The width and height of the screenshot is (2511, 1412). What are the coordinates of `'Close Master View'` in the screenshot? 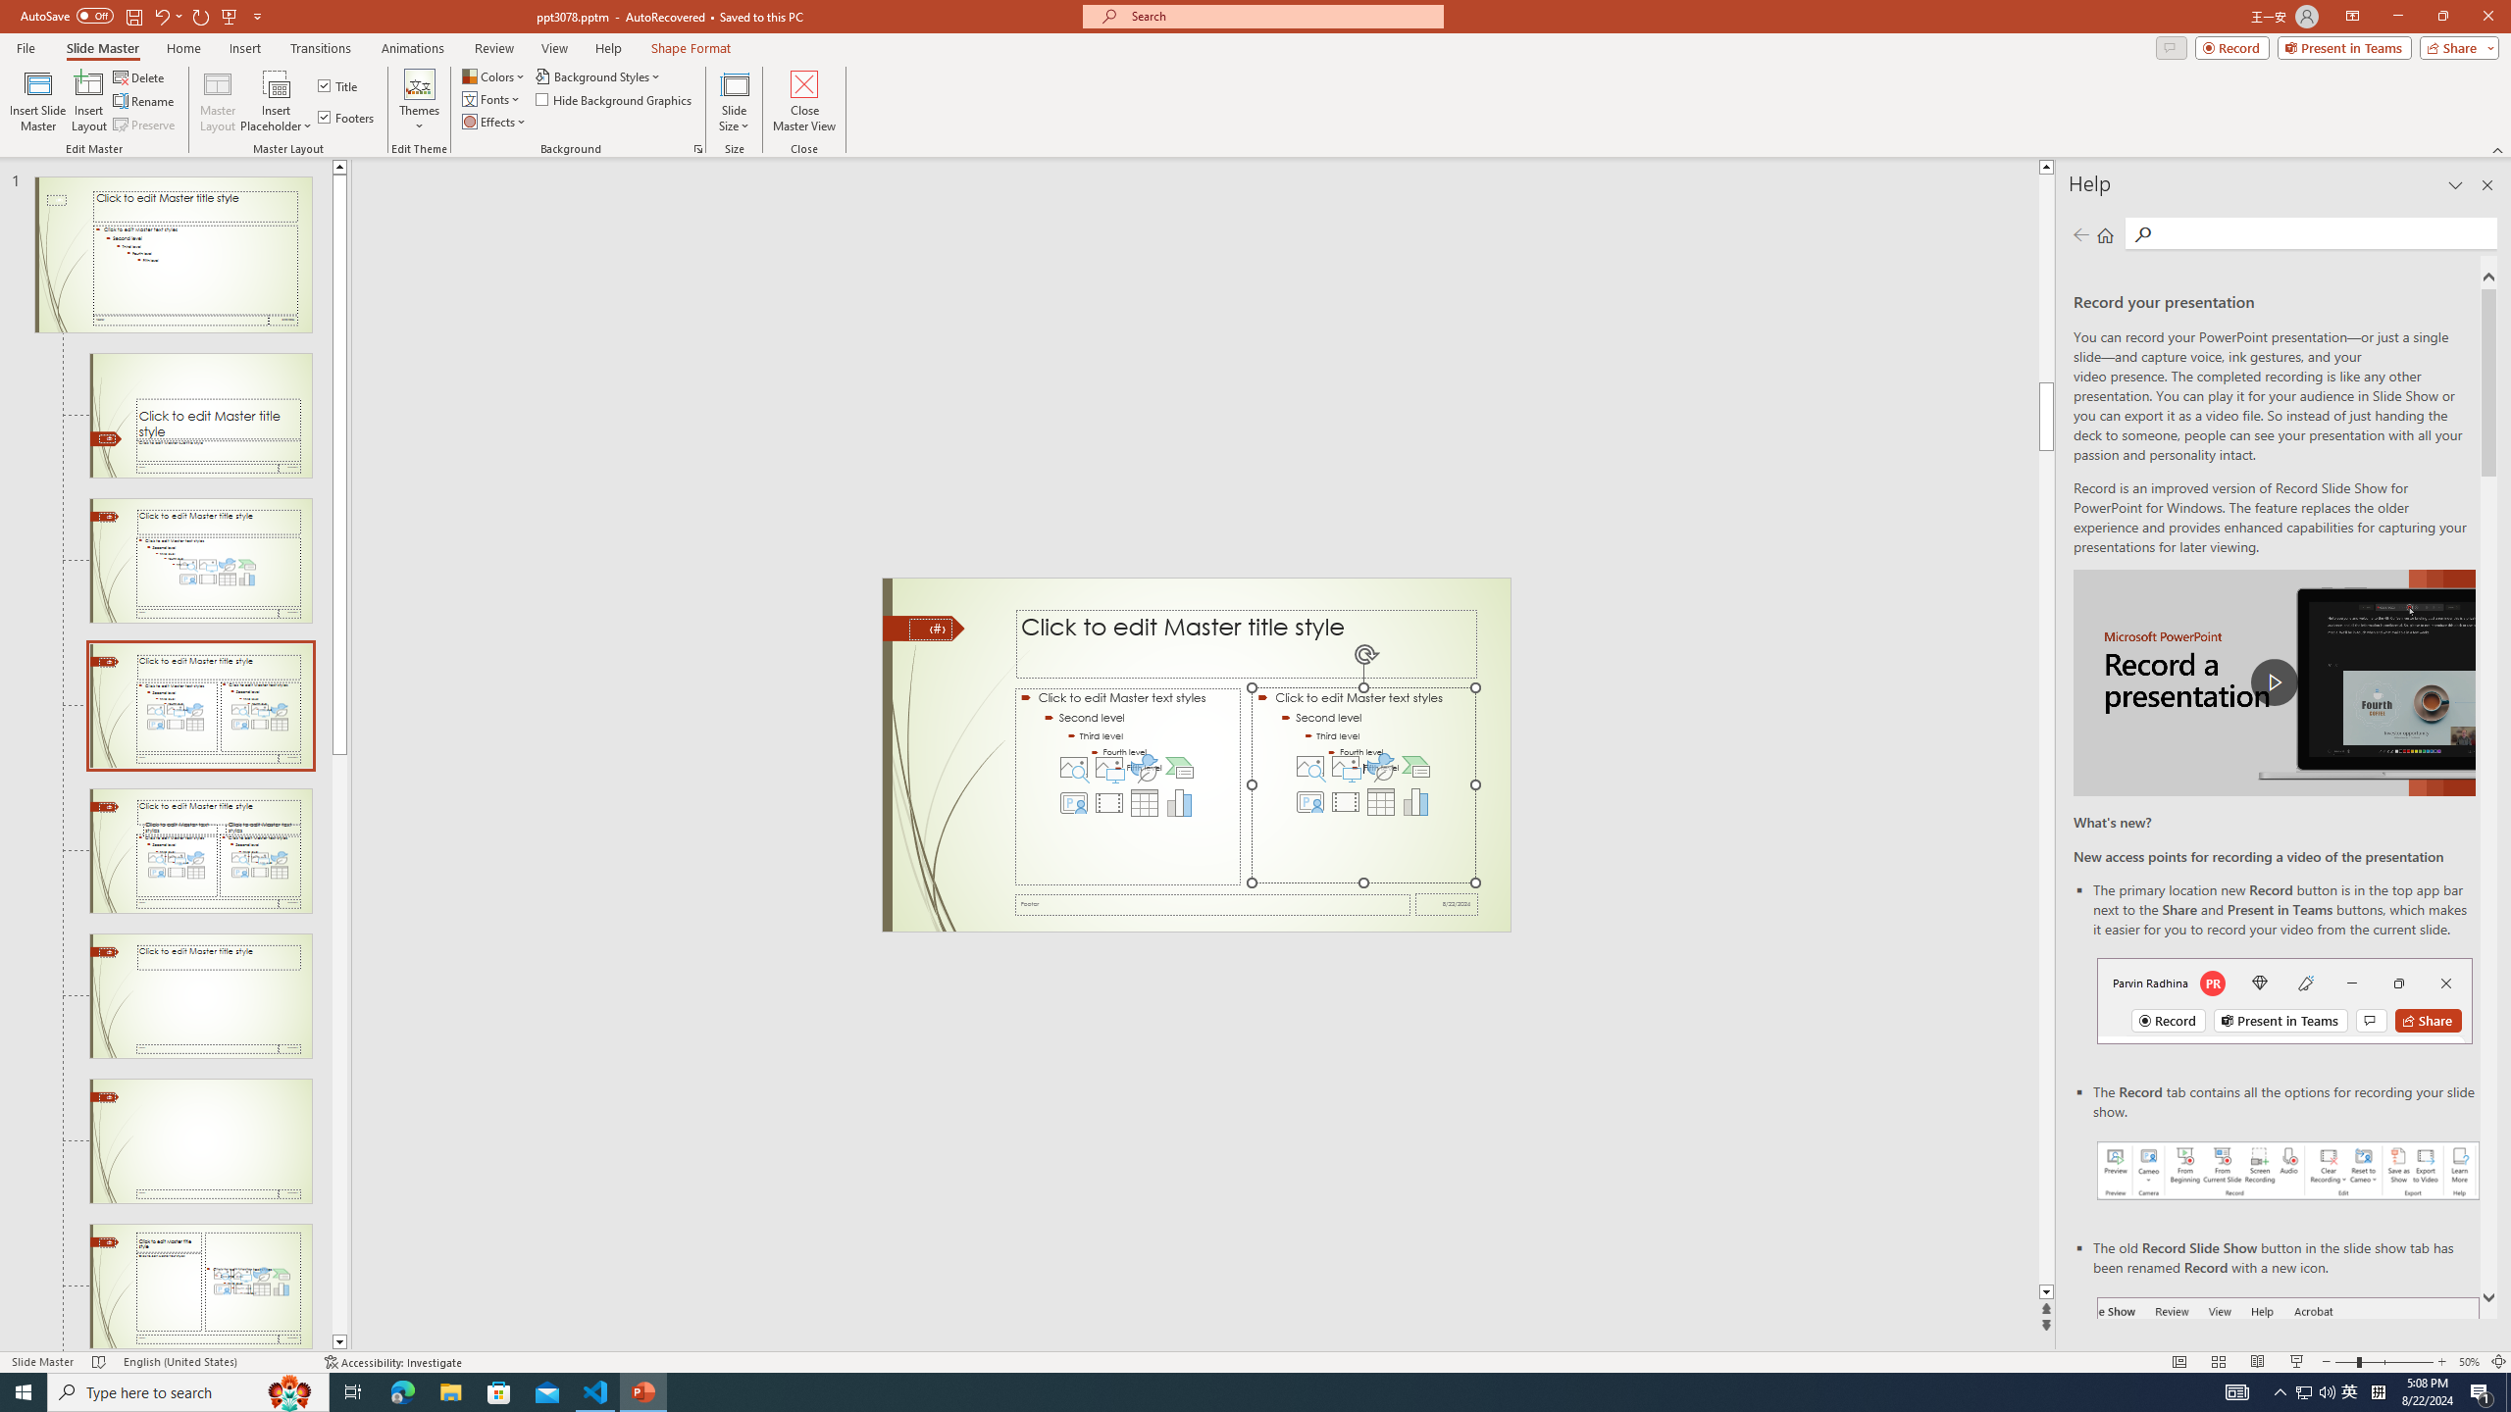 It's located at (803, 101).